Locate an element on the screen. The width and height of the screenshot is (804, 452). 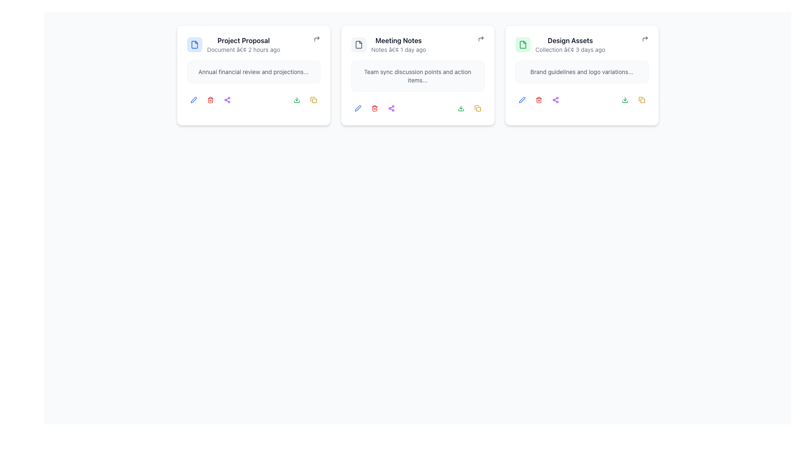
the 'copy' icon button located in the bottom right corner of the 'Design Assets' card for accessibility navigation is located at coordinates (641, 100).